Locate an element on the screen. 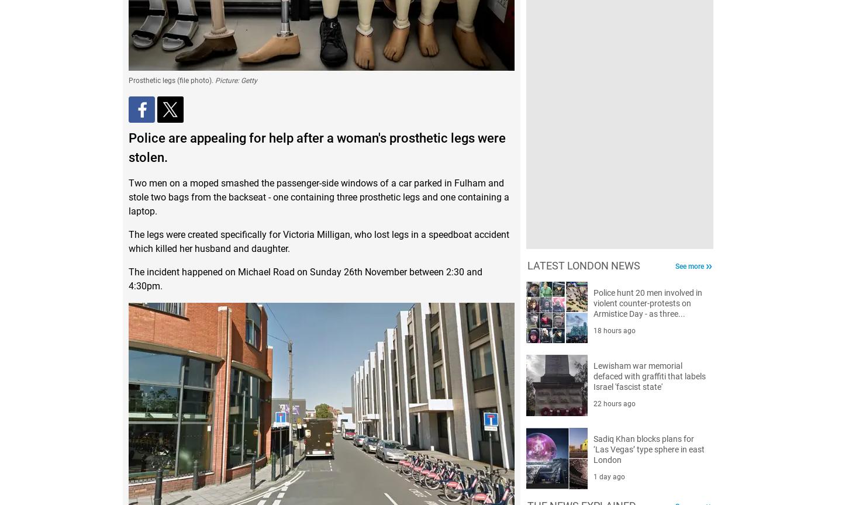 Image resolution: width=842 pixels, height=505 pixels. 'Sadiq Khan blocks plans for ‘Las Vegas’ type sphere in east London' is located at coordinates (648, 448).